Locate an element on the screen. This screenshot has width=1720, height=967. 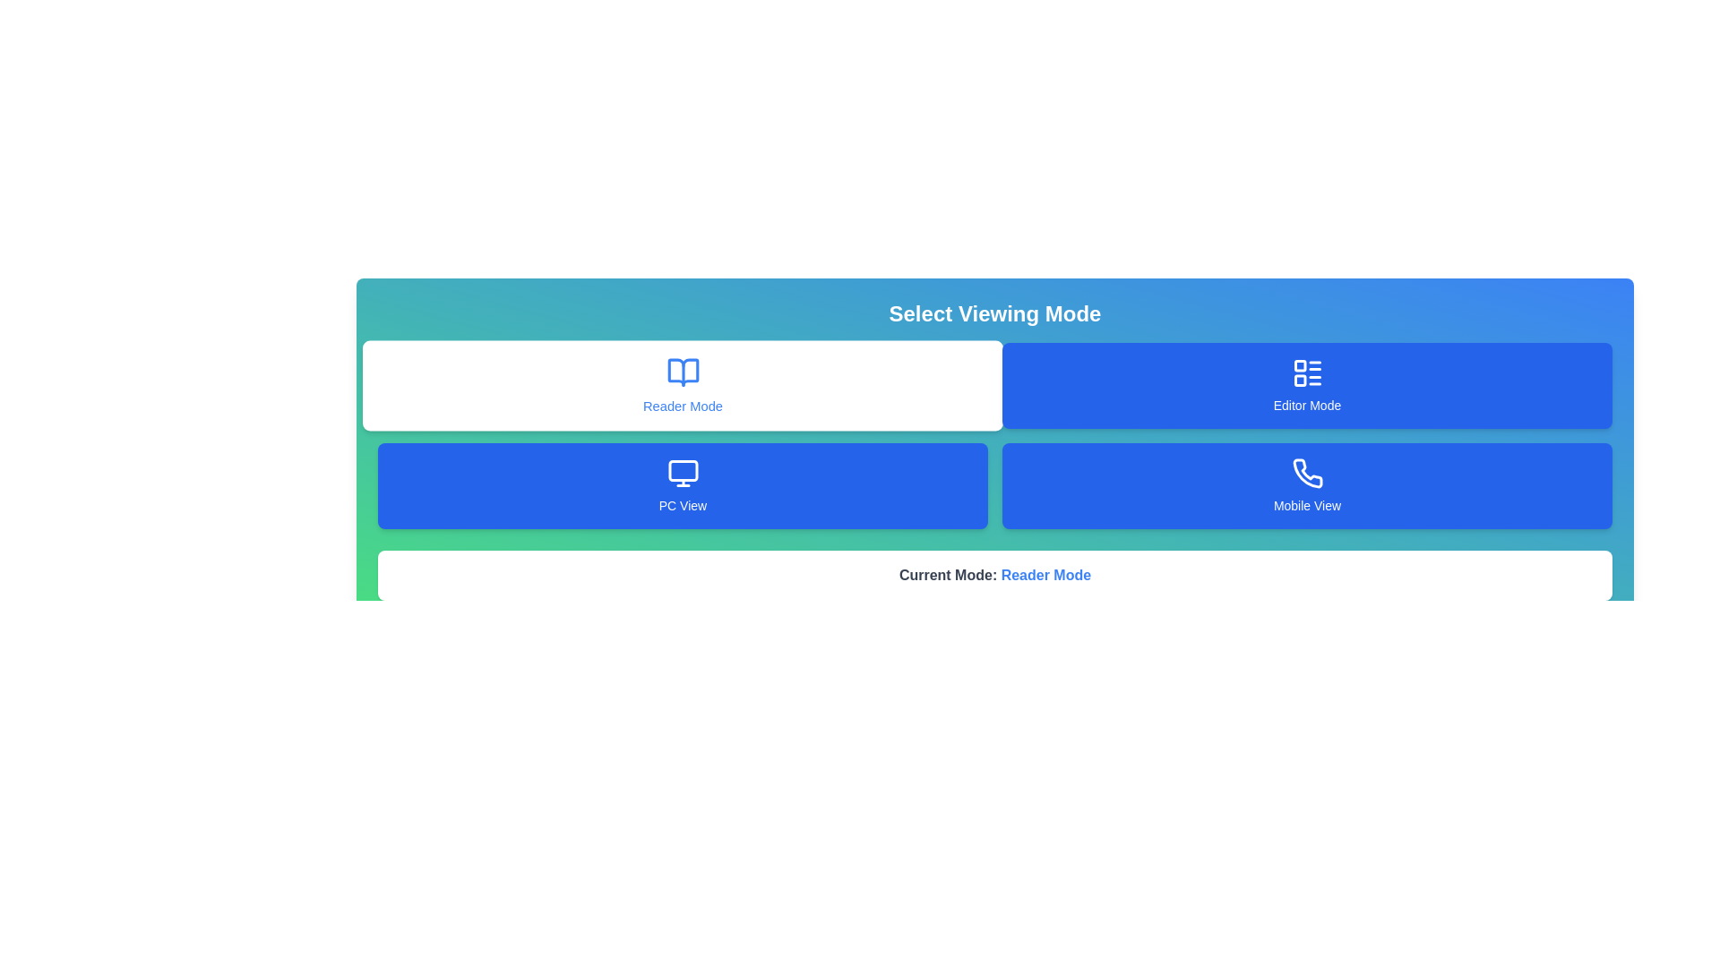
the view mode Reader Mode by clicking on the corresponding button is located at coordinates (682, 385).